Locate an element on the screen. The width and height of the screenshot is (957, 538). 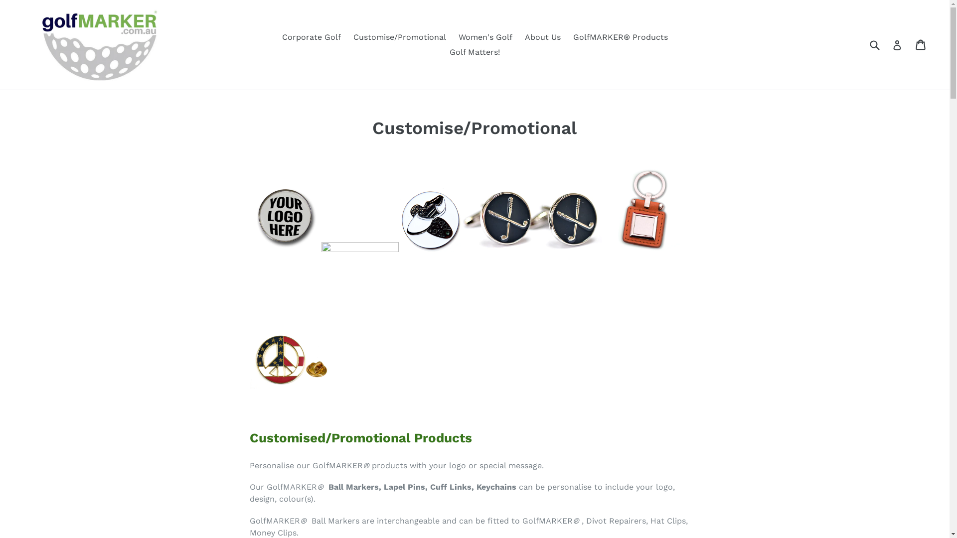
'Submit' is located at coordinates (873, 44).